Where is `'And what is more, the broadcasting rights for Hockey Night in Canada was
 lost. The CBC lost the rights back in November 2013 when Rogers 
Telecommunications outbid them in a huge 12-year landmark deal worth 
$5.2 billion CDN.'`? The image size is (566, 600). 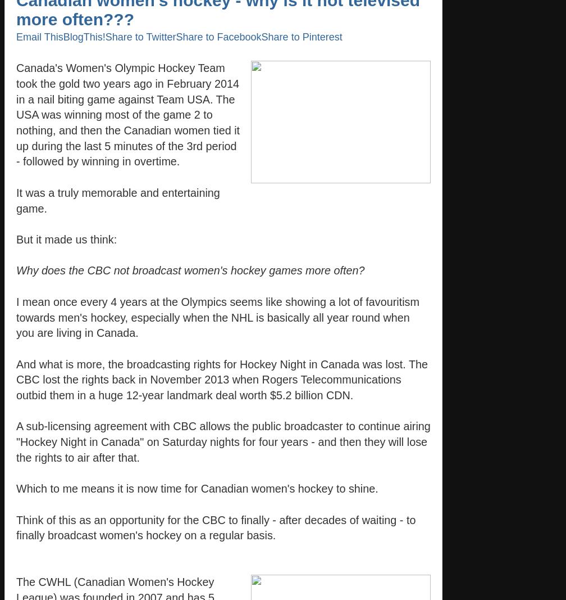 'And what is more, the broadcasting rights for Hockey Night in Canada was
 lost. The CBC lost the rights back in November 2013 when Rogers 
Telecommunications outbid them in a huge 12-year landmark deal worth 
$5.2 billion CDN.' is located at coordinates (16, 379).